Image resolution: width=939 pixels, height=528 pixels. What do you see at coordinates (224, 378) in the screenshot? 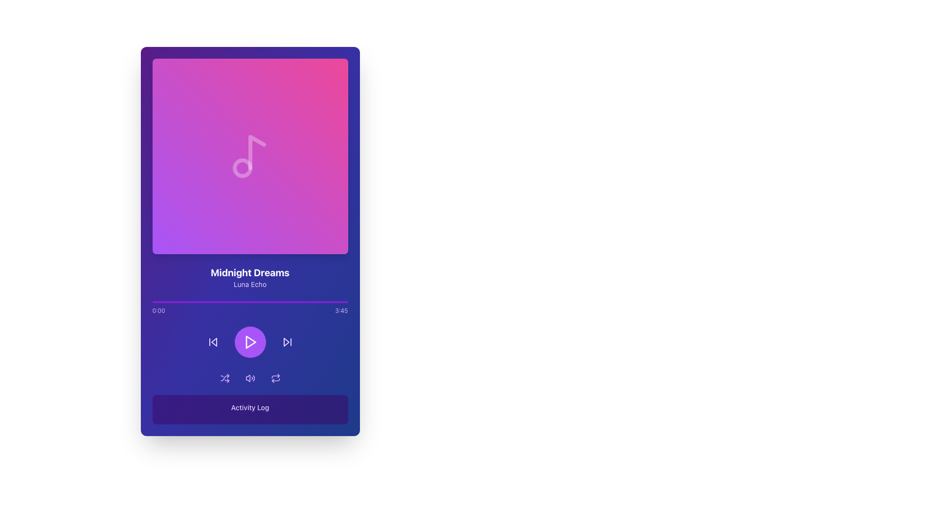
I see `the shuffle toggle button located below the playback control buttons, to the left of the volume control icon, and right-aligned relative to the repeat function icon` at bounding box center [224, 378].